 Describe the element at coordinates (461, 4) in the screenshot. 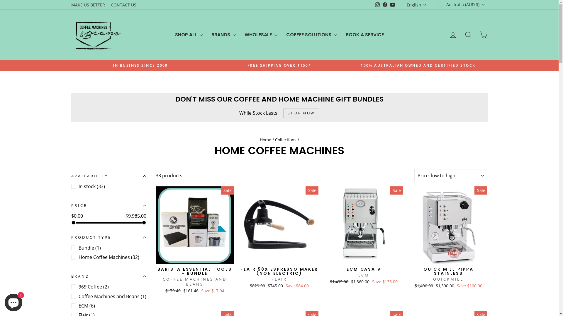

I see `'Australia (AUD $)'` at that location.